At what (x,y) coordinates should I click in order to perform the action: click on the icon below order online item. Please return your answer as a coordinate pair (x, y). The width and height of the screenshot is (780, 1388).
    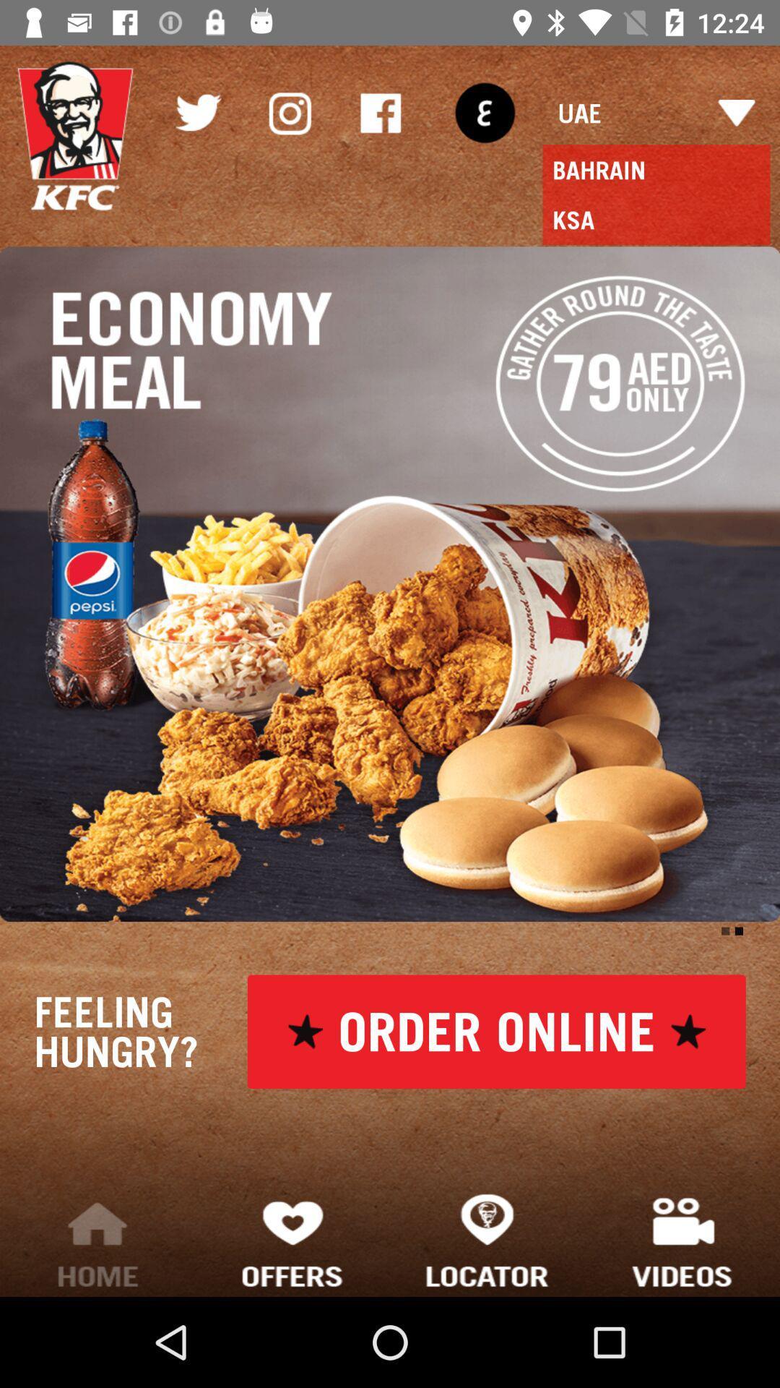
    Looking at the image, I should click on (487, 1239).